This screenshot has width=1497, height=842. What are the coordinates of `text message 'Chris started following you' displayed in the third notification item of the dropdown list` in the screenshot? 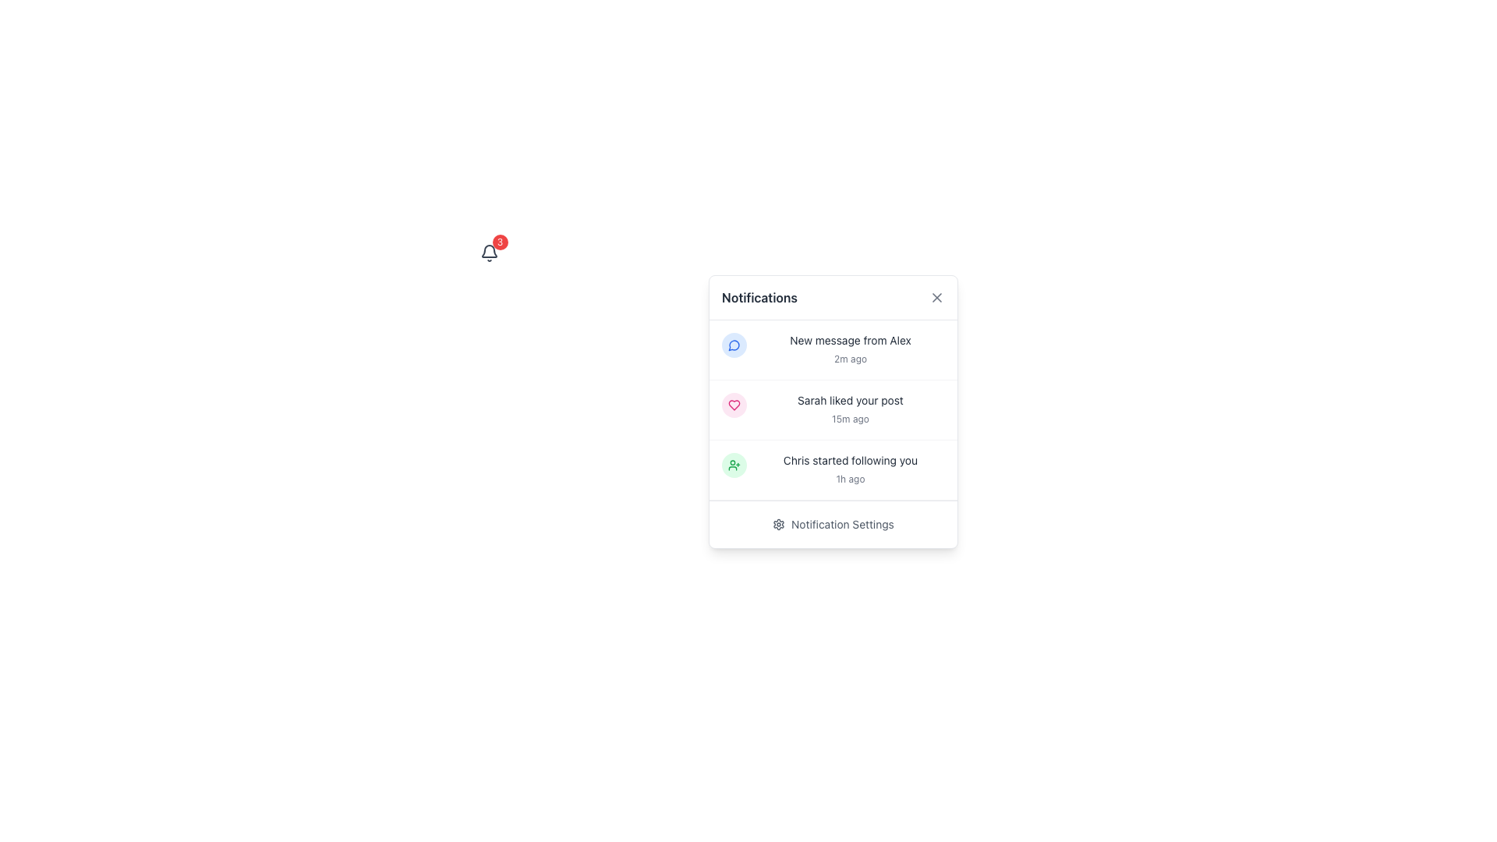 It's located at (849, 459).